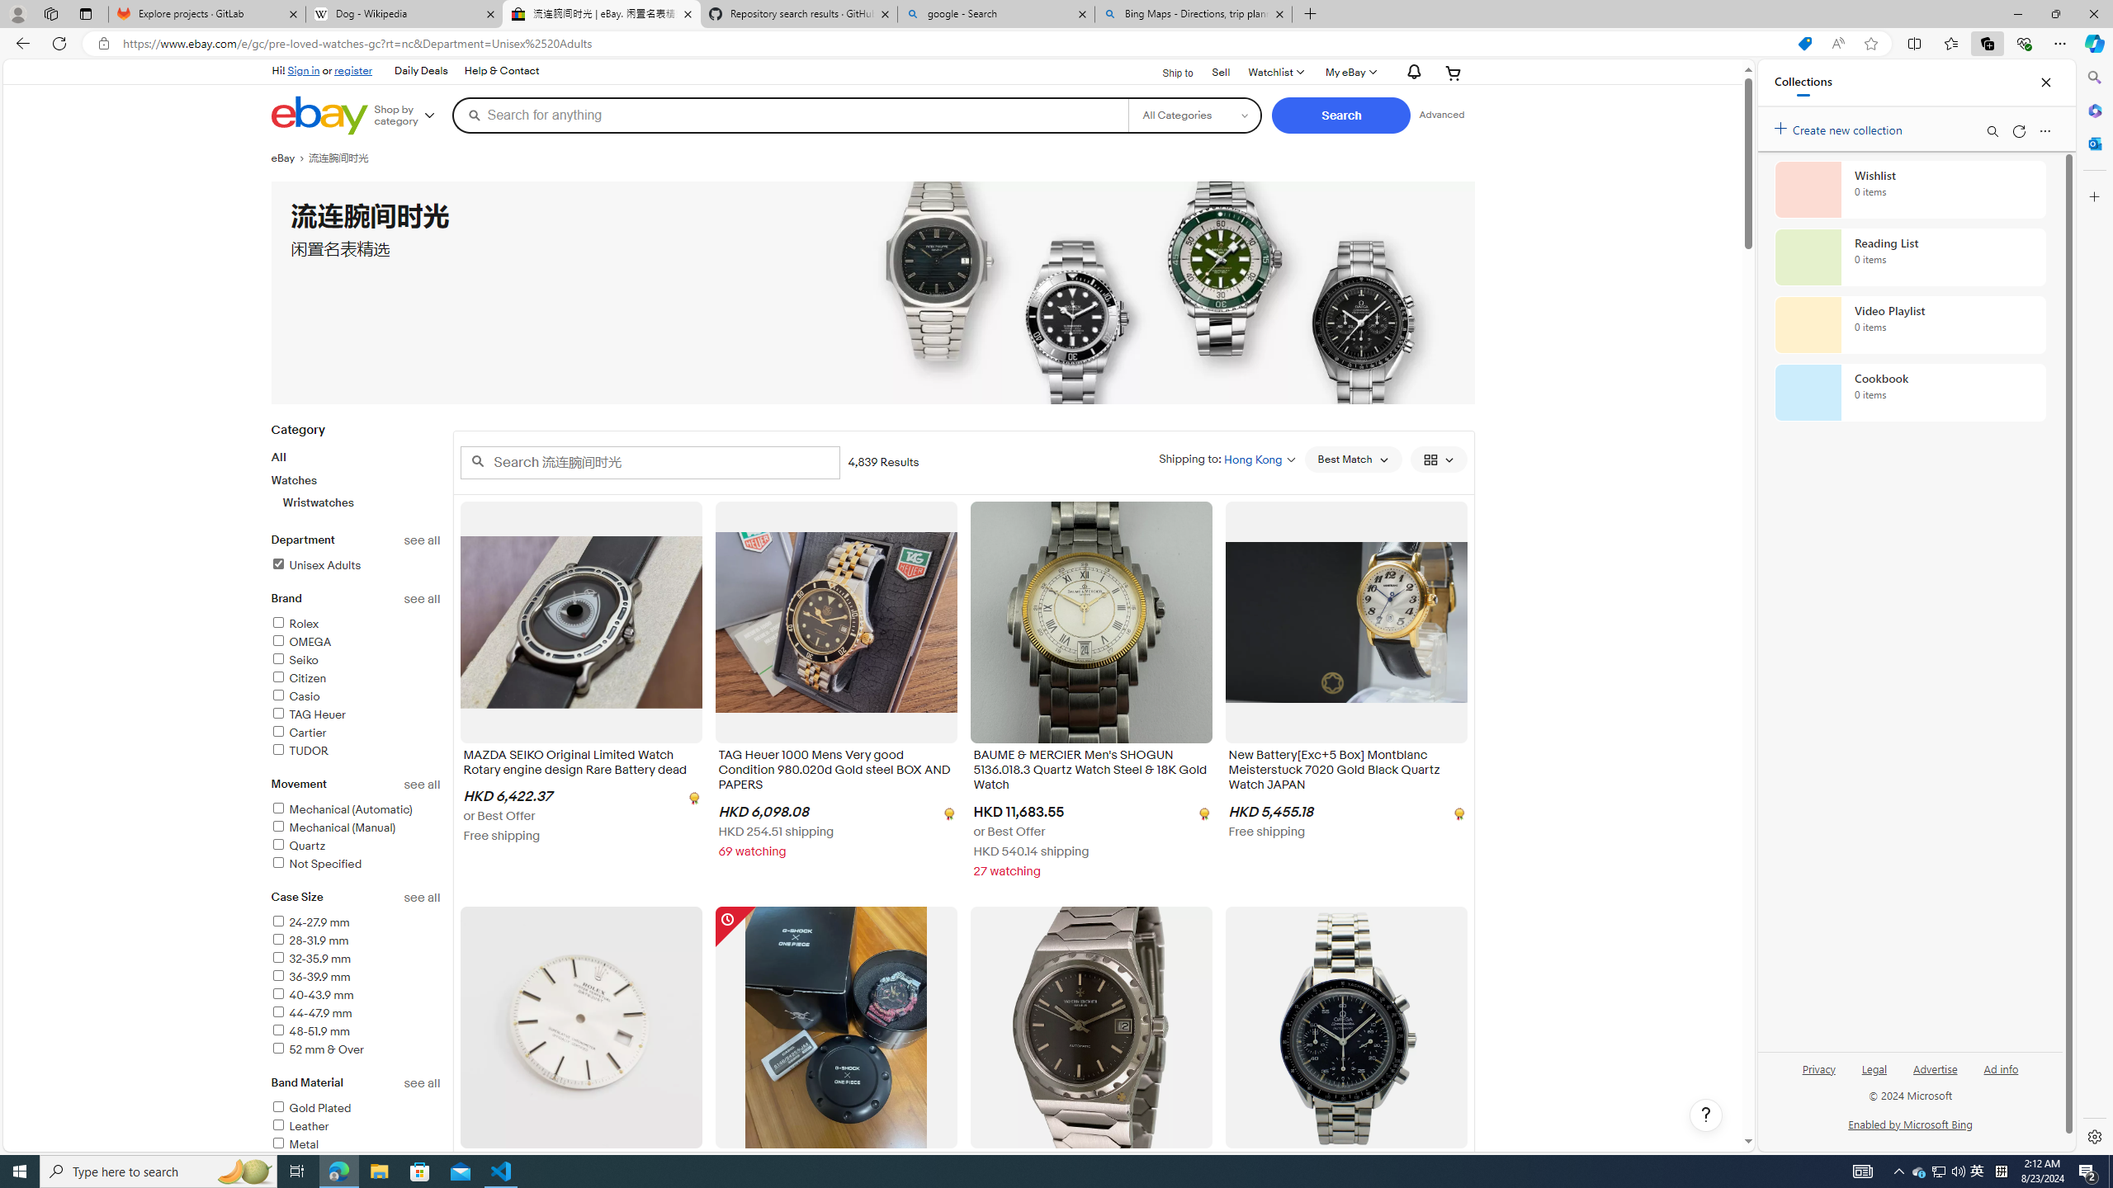 This screenshot has width=2113, height=1188. Describe the element at coordinates (310, 958) in the screenshot. I see `'32-35.9 mm'` at that location.